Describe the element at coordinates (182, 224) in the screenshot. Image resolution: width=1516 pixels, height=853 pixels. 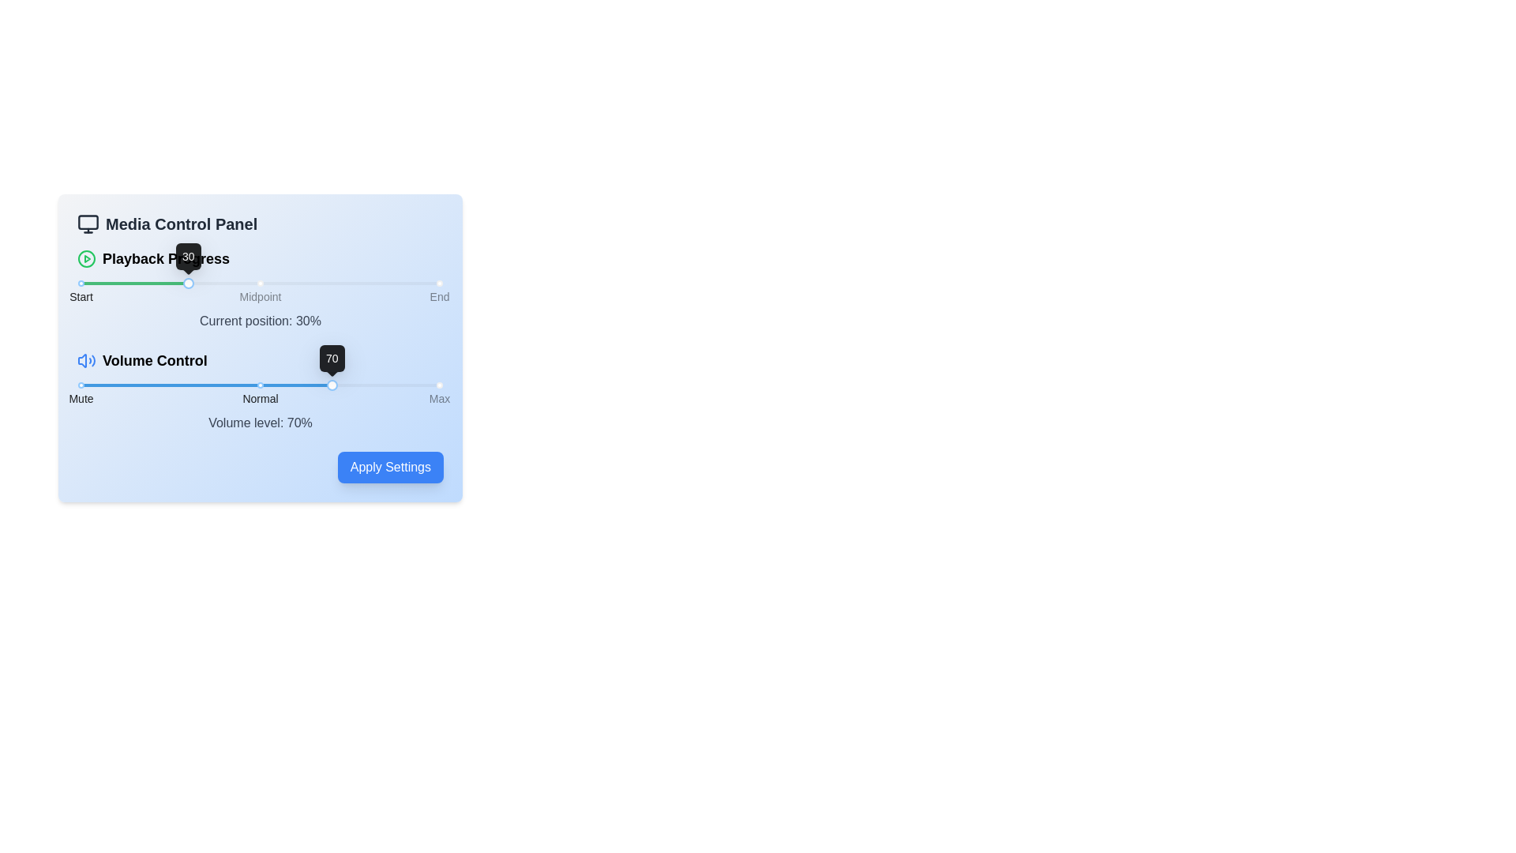
I see `the Text label that serves as the title for the 'Media Control Panel' section, located at the top of the interface to the right of a monitor icon` at that location.